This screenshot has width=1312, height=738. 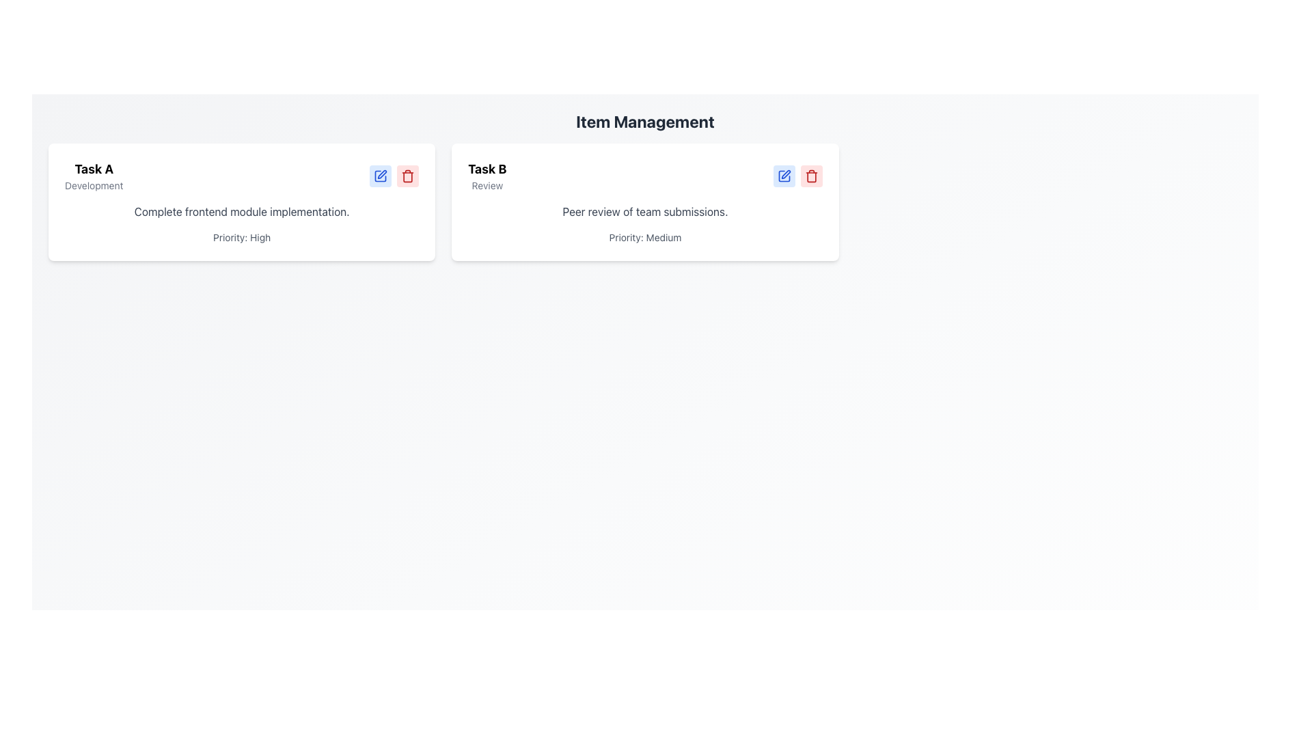 What do you see at coordinates (811, 176) in the screenshot?
I see `the red circular trash icon button located on the right side of the button group` at bounding box center [811, 176].